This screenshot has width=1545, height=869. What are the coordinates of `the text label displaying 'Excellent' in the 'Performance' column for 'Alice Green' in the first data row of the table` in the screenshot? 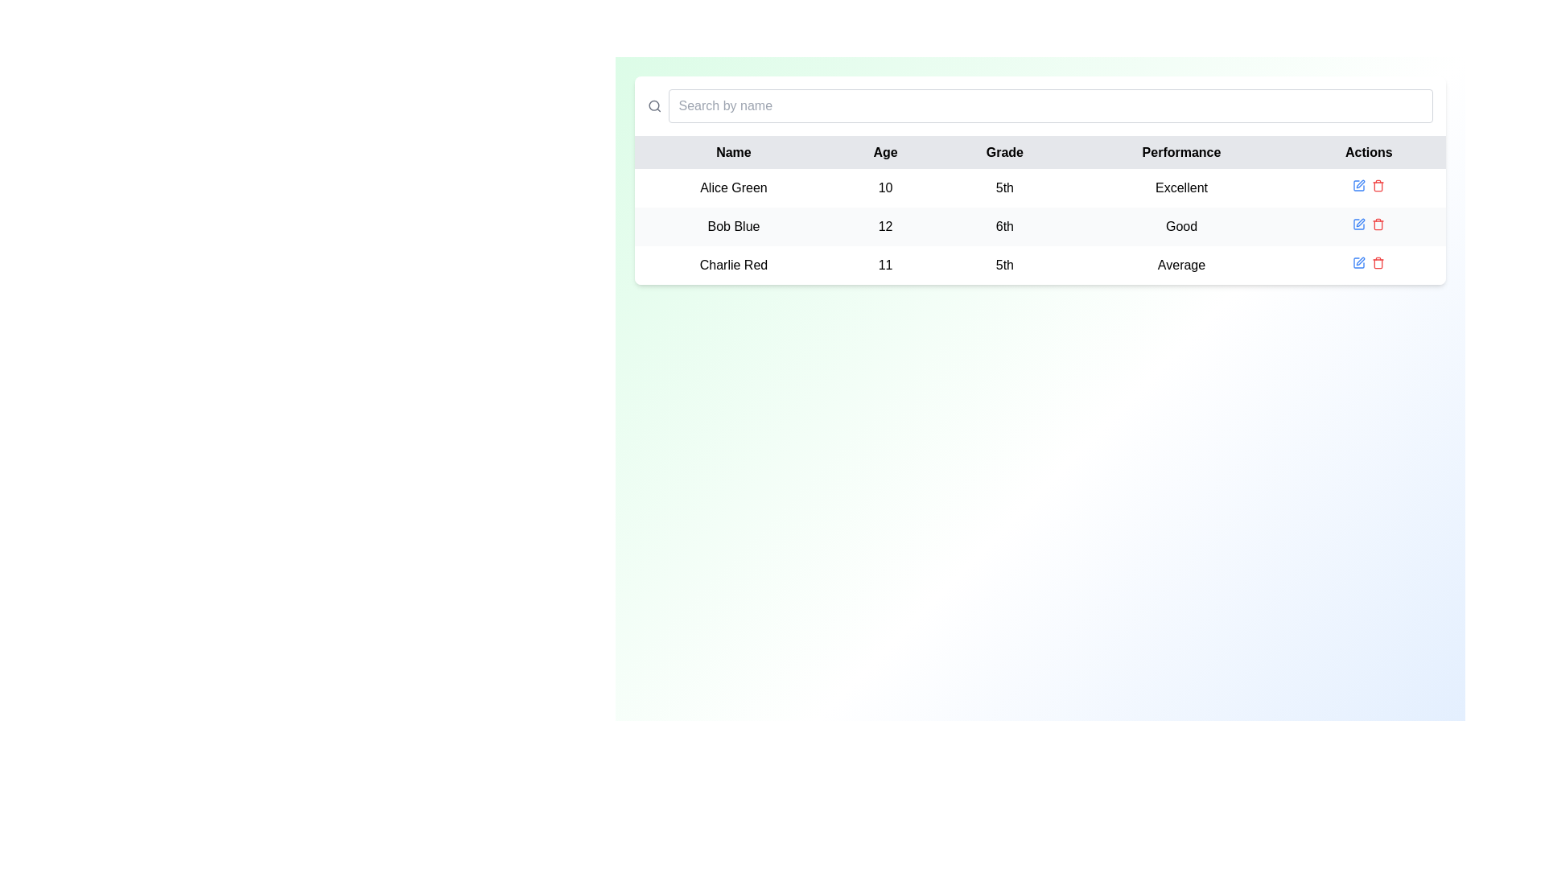 It's located at (1181, 187).